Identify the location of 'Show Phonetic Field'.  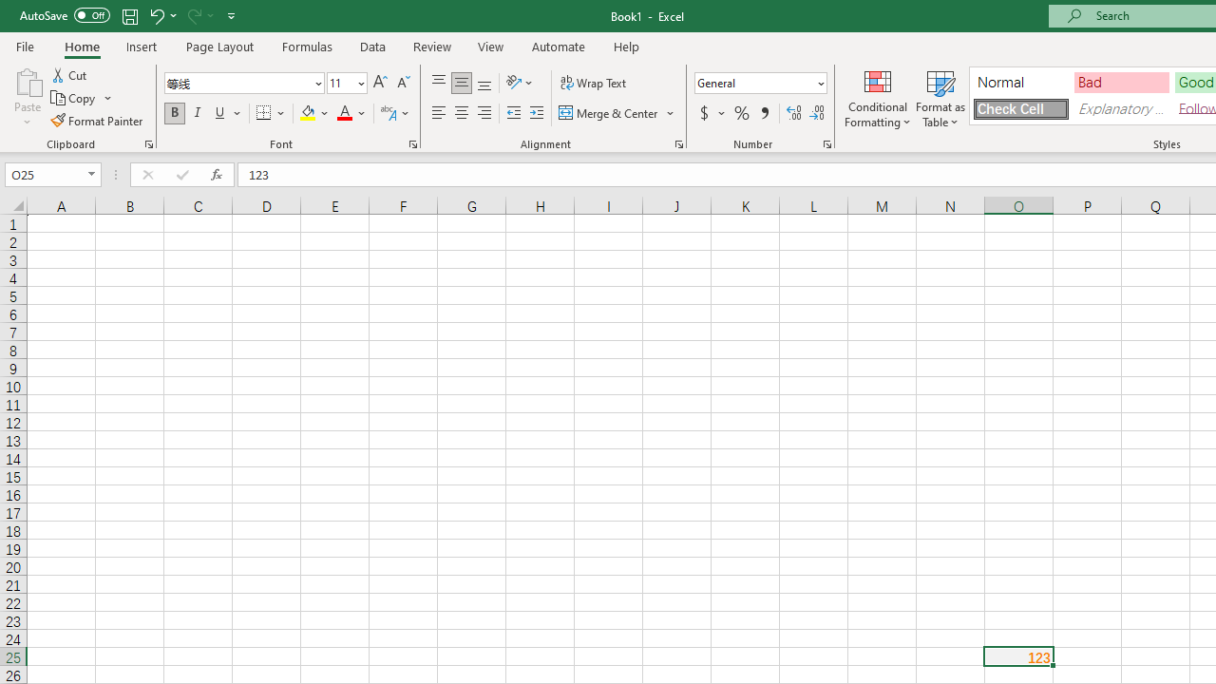
(394, 113).